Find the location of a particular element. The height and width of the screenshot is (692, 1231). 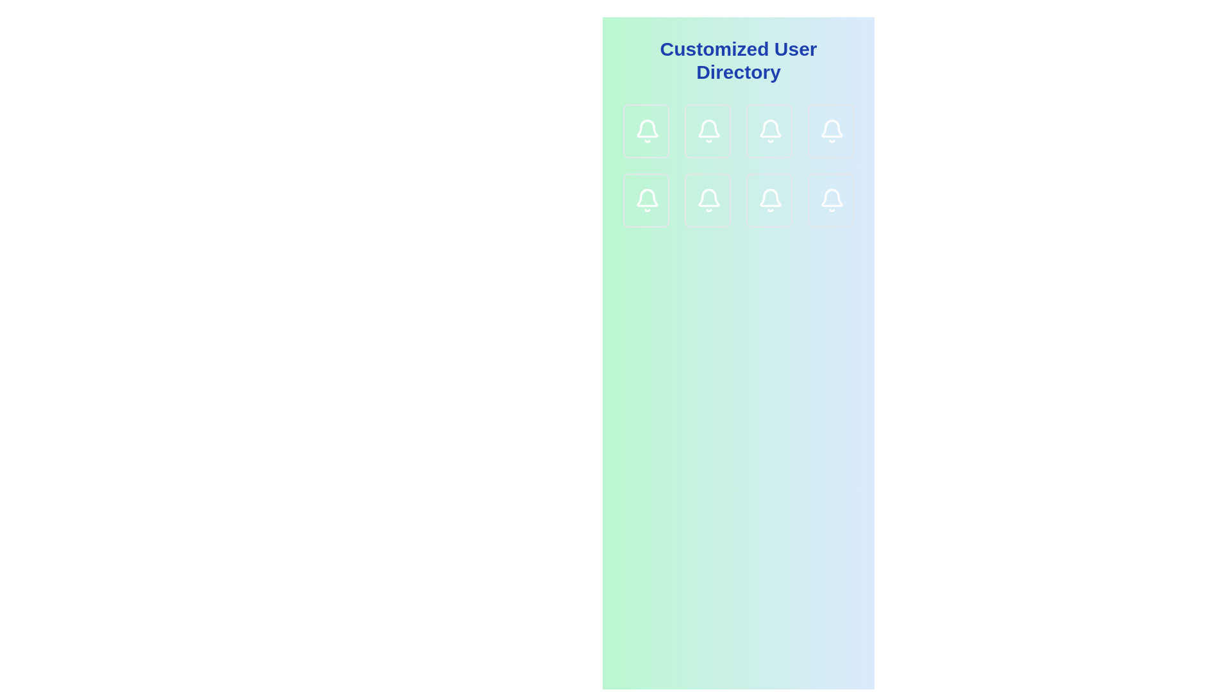

the second bell icon is located at coordinates (769, 200).